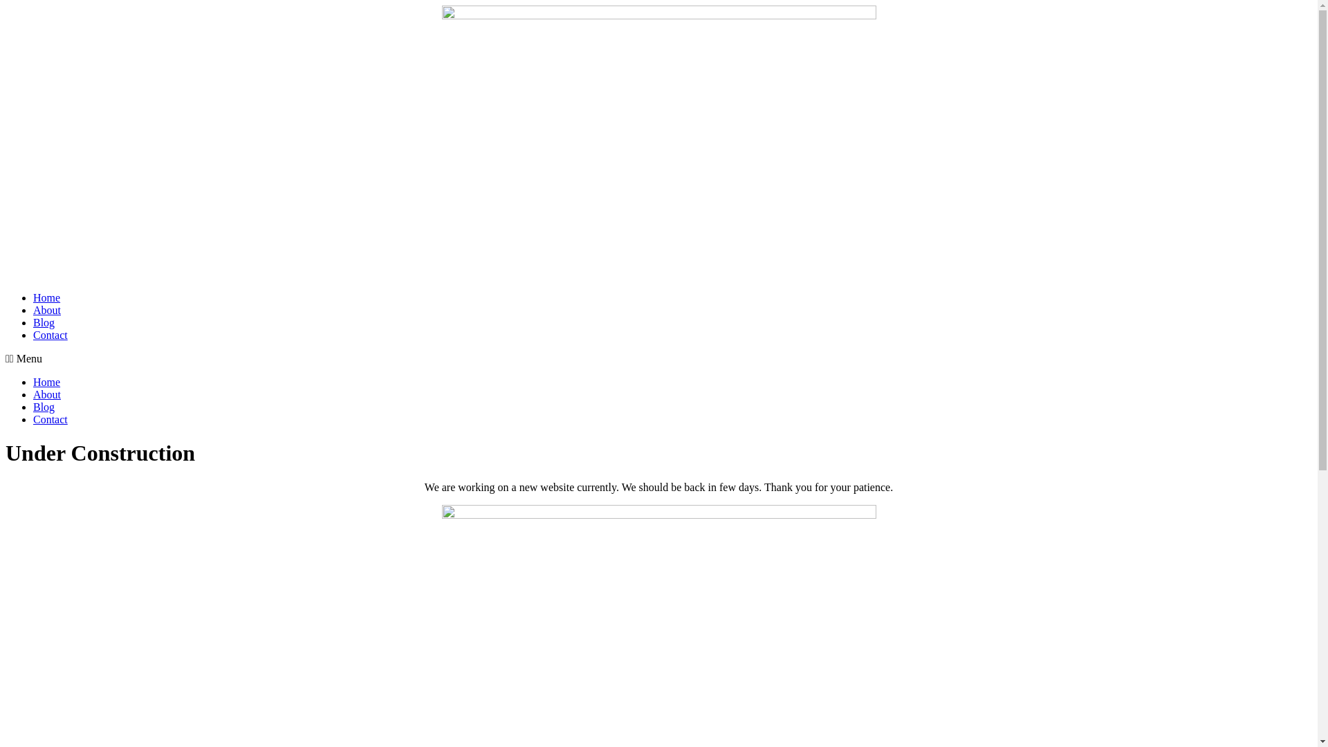 This screenshot has height=747, width=1328. What do you see at coordinates (46, 394) in the screenshot?
I see `'About'` at bounding box center [46, 394].